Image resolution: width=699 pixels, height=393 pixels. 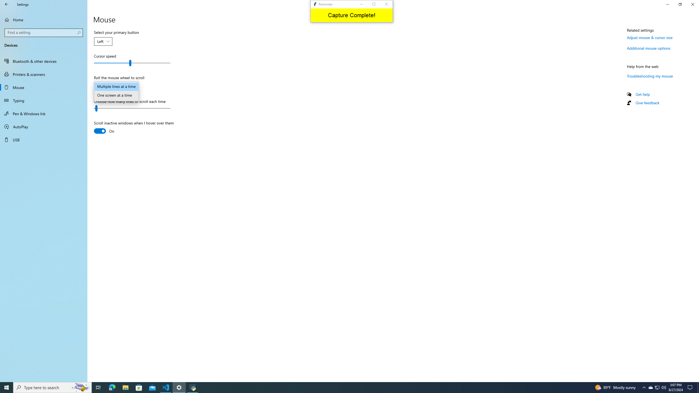 I want to click on 'Choose how many lines to scroll each time', so click(x=132, y=108).